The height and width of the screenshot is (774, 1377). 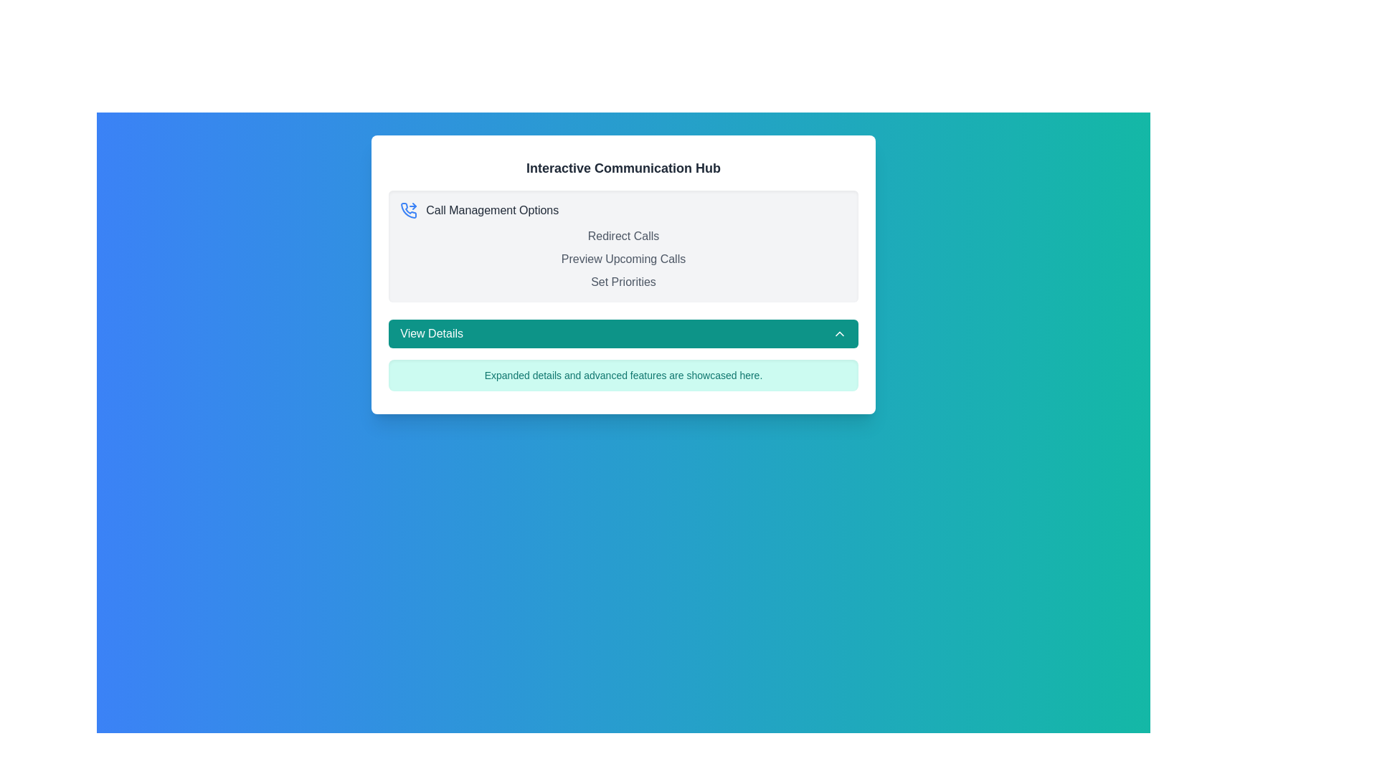 I want to click on the informational text box with a teal background that contains the text 'Expanded details and advanced features are showcased here.', so click(x=623, y=375).